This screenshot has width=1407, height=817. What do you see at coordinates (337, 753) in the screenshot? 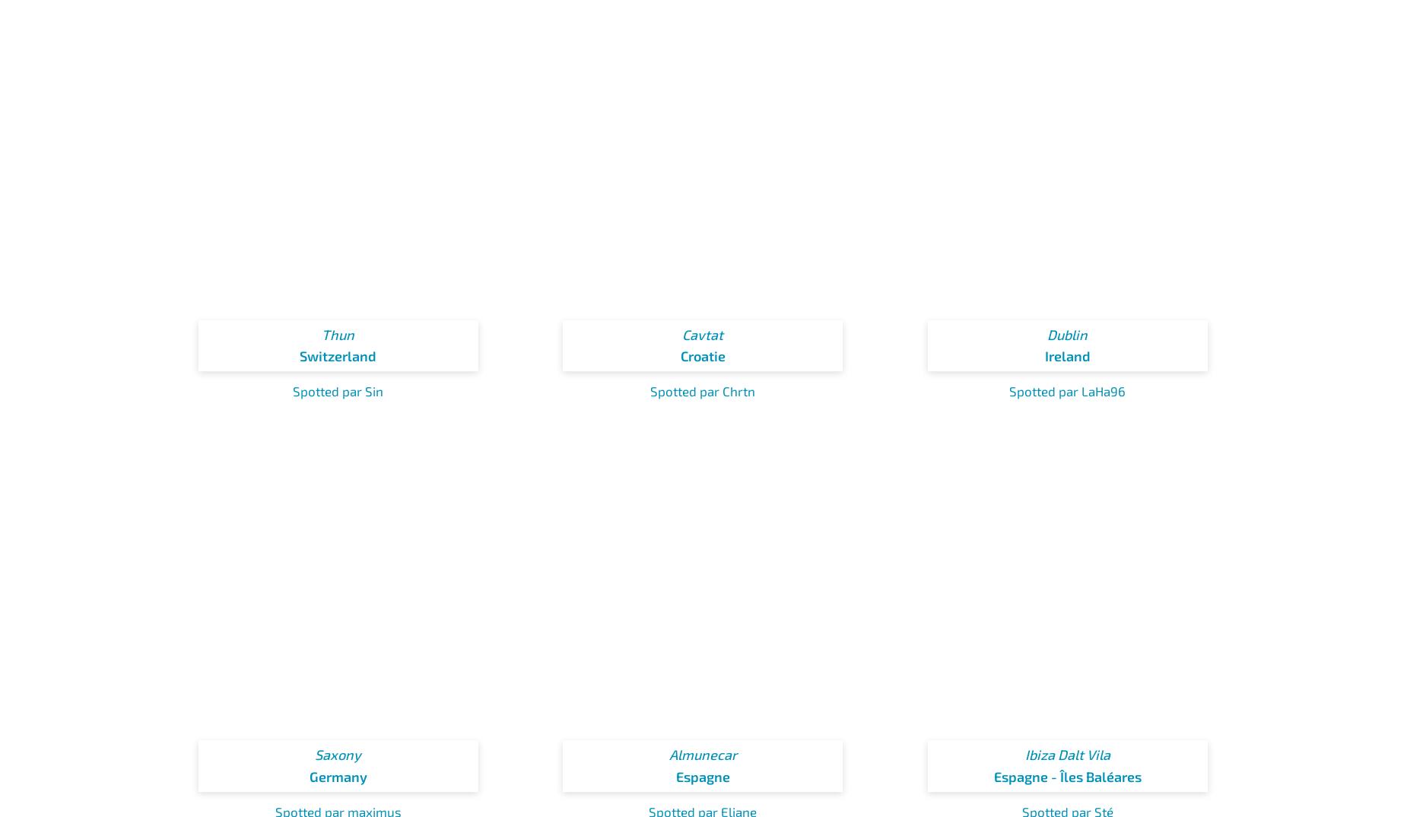
I see `'Saxony'` at bounding box center [337, 753].